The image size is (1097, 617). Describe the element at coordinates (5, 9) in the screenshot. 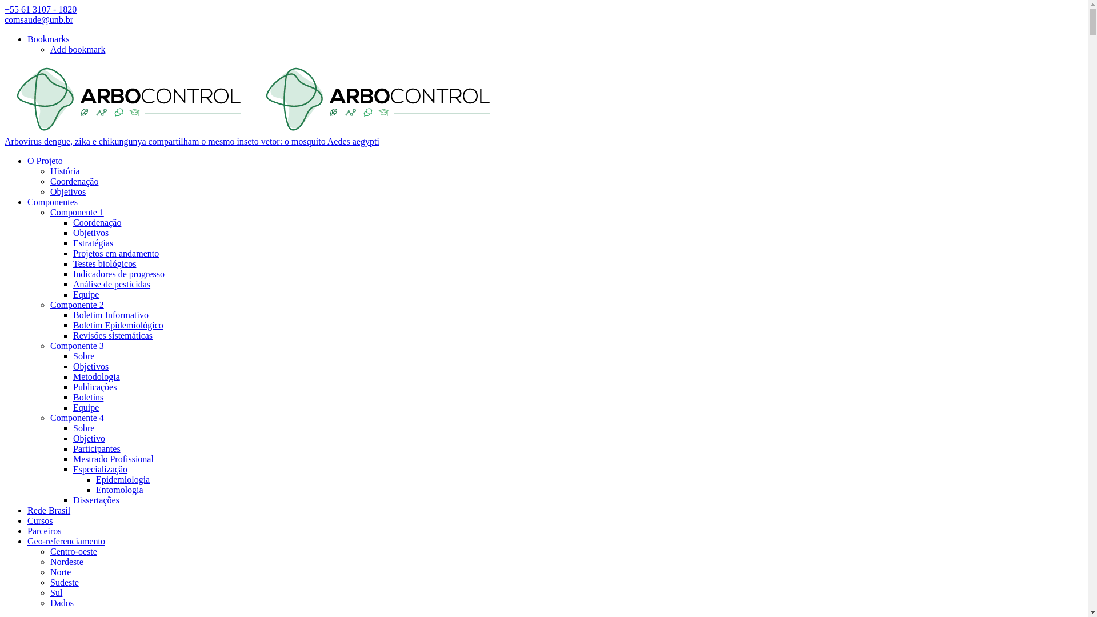

I see `'+55 61 3107 - 1820'` at that location.